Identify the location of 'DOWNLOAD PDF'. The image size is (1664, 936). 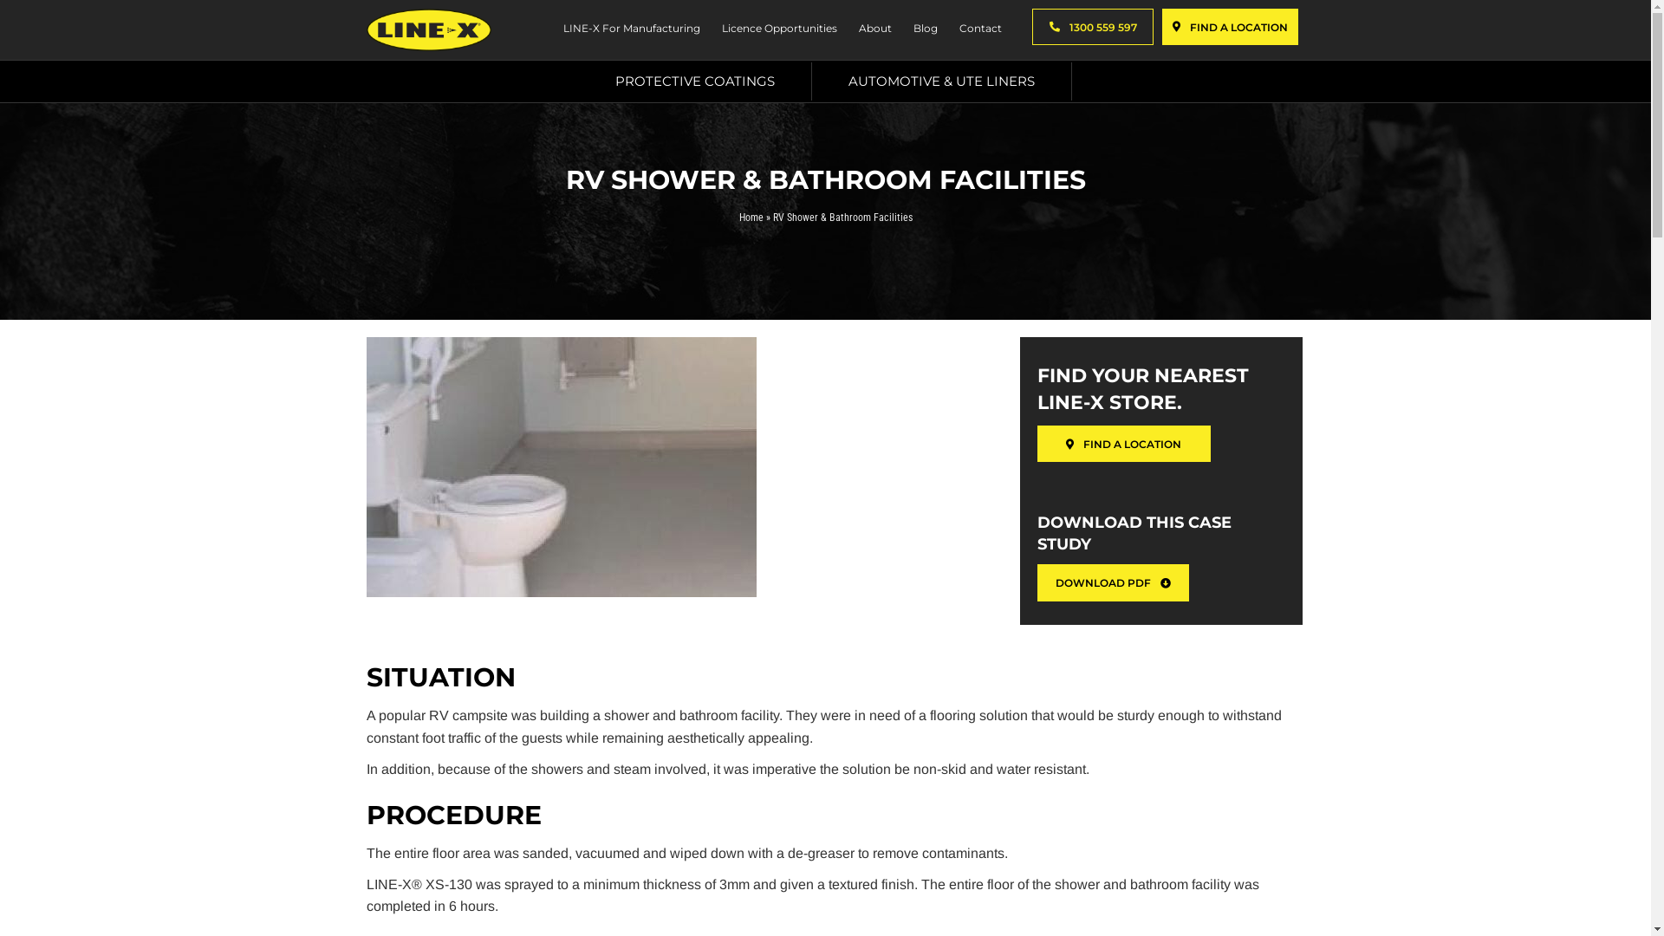
(1037, 582).